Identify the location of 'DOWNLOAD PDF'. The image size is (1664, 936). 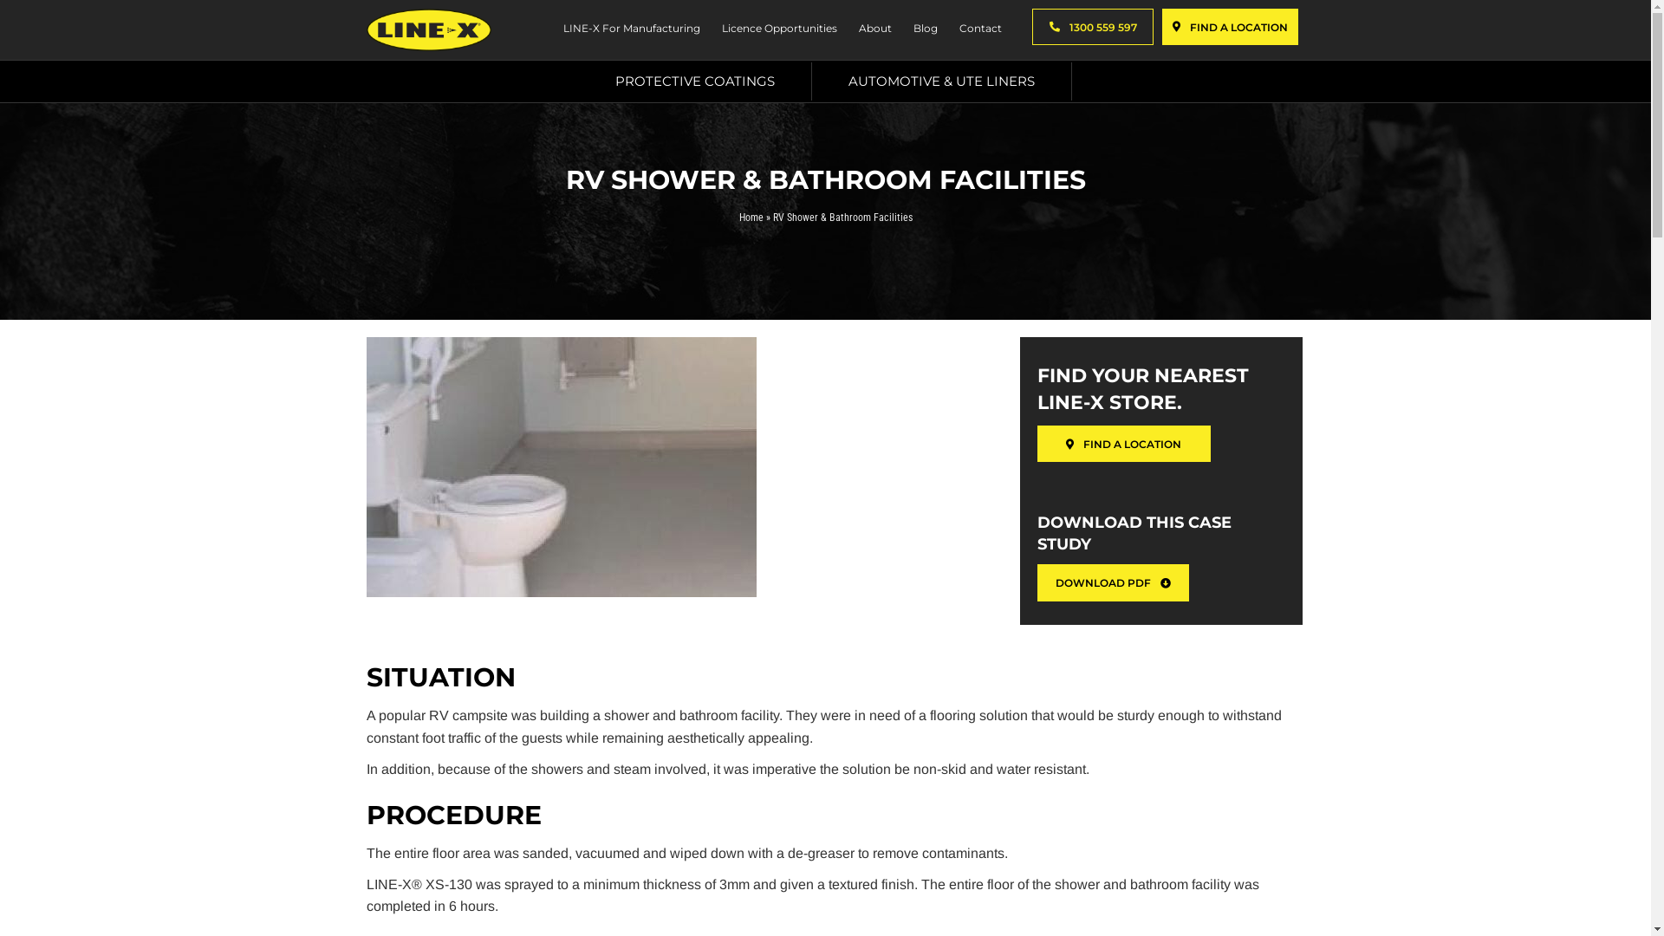
(1037, 582).